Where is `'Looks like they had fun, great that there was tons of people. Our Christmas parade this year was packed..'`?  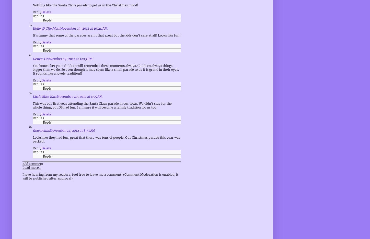 'Looks like they had fun, great that there was tons of people. Our Christmas parade this year was packed..' is located at coordinates (106, 139).